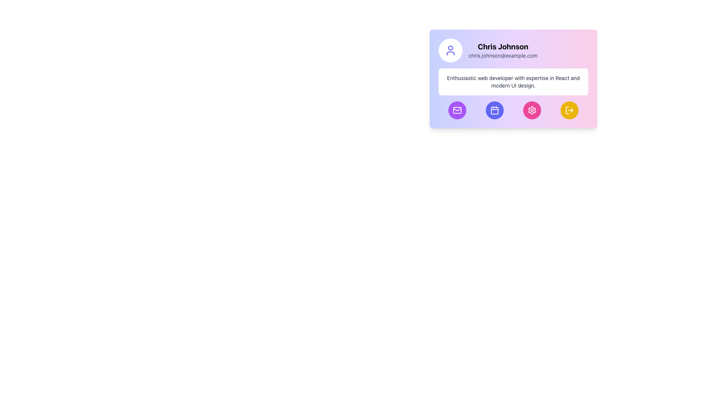 This screenshot has width=718, height=404. I want to click on the circular shape representing the user's head within the user profile icon at the top-left corner of the user information card, so click(450, 48).